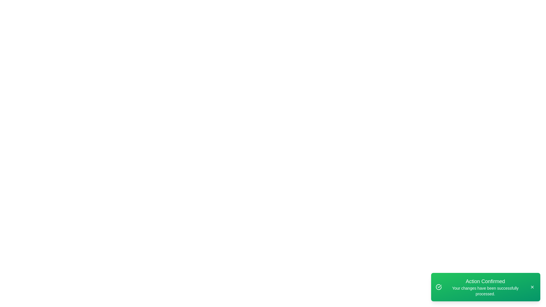 The width and height of the screenshot is (546, 307). What do you see at coordinates (532, 287) in the screenshot?
I see `the close button of the snackbar to close it` at bounding box center [532, 287].